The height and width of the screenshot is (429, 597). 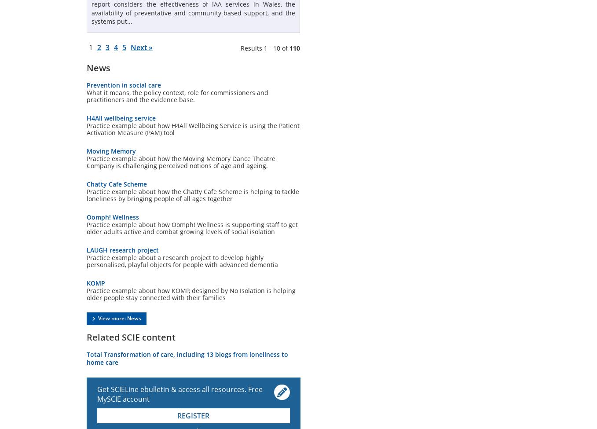 What do you see at coordinates (124, 84) in the screenshot?
I see `'Prevention in social care'` at bounding box center [124, 84].